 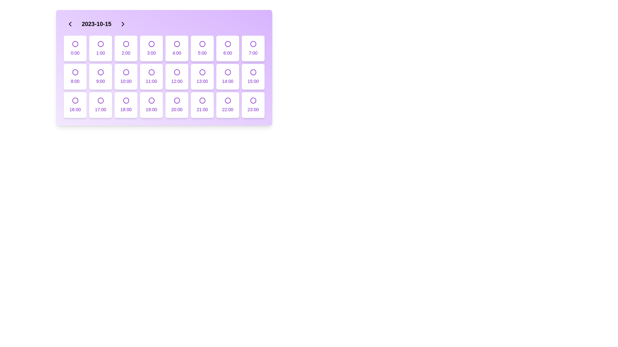 I want to click on the time selection button displaying '15:00', which is a small rectangular card with a white background, a purple circular icon at the top, and located in the second row and eighth column of the grid, so click(x=253, y=76).